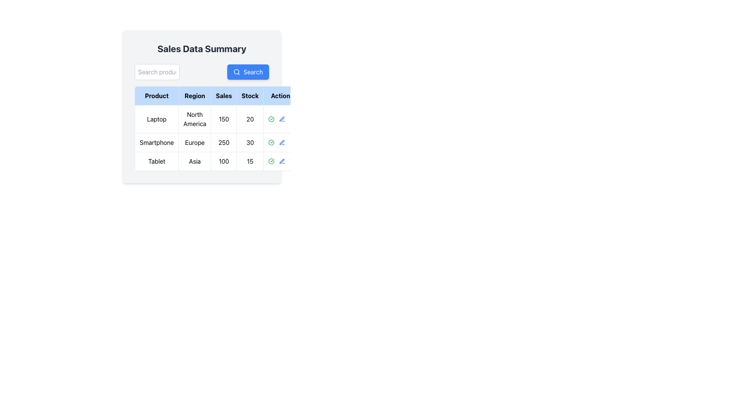  What do you see at coordinates (156, 142) in the screenshot?
I see `the 'Smartphone' text label which identifies the product type within the sales table in the 'Sales Data Summary' section` at bounding box center [156, 142].